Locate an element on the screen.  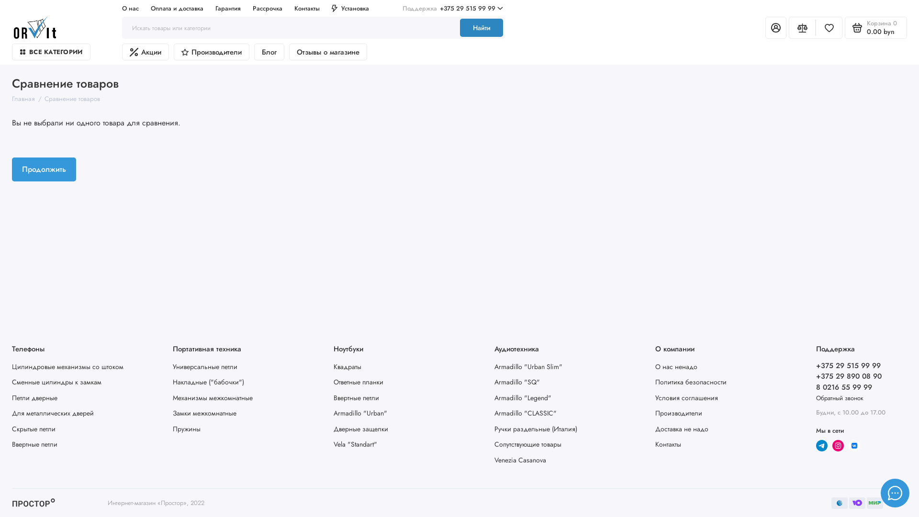
'+375 29 515 99 99' is located at coordinates (848, 365).